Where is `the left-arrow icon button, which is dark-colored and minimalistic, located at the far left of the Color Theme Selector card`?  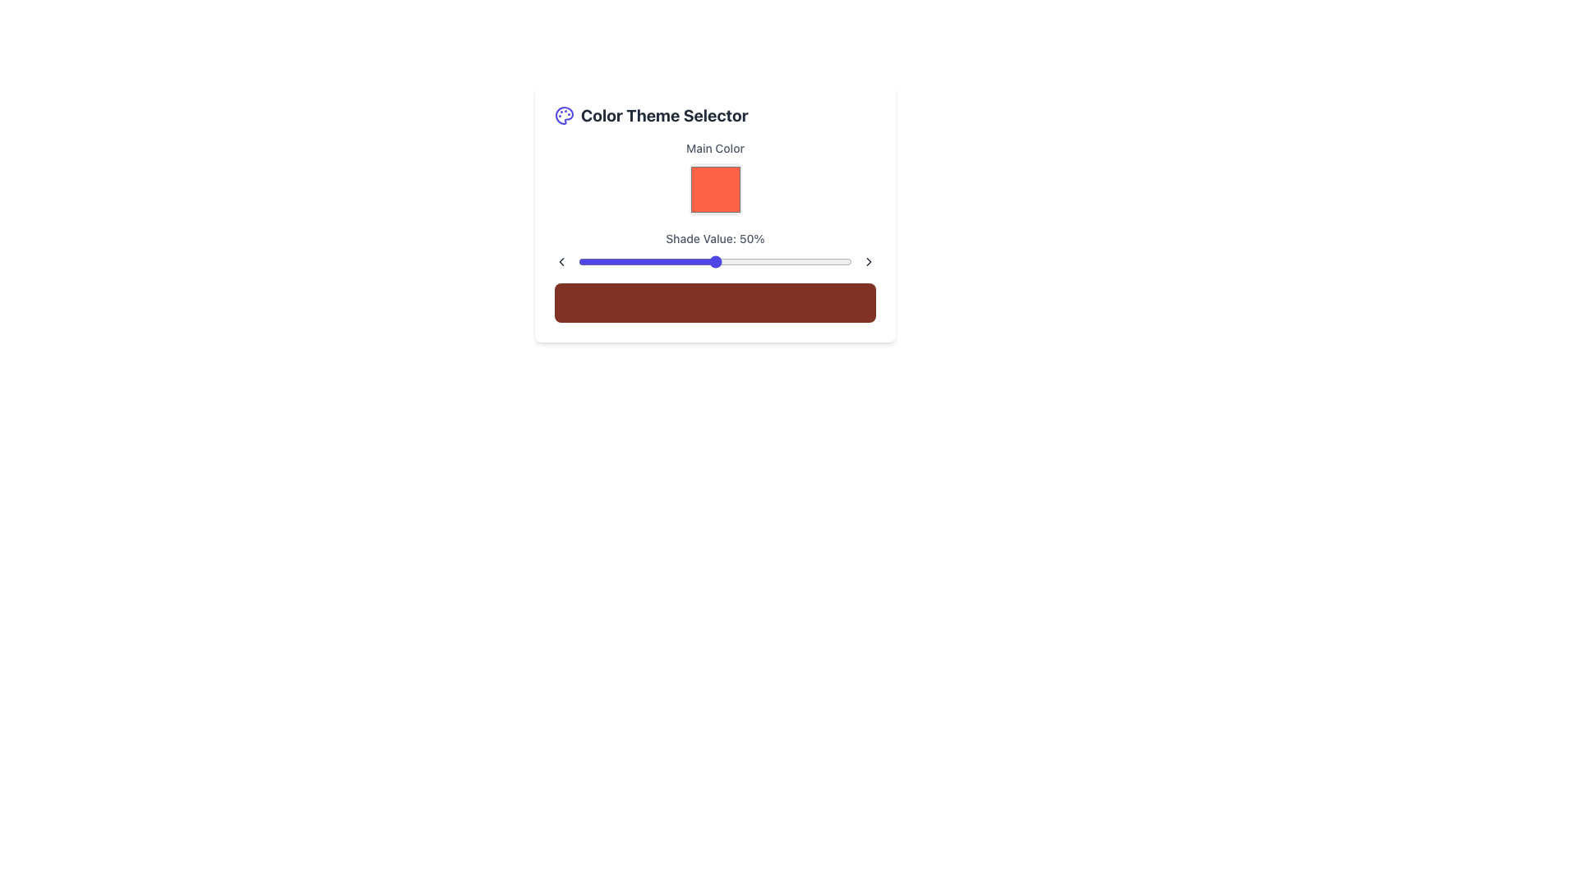 the left-arrow icon button, which is dark-colored and minimalistic, located at the far left of the Color Theme Selector card is located at coordinates (561, 261).